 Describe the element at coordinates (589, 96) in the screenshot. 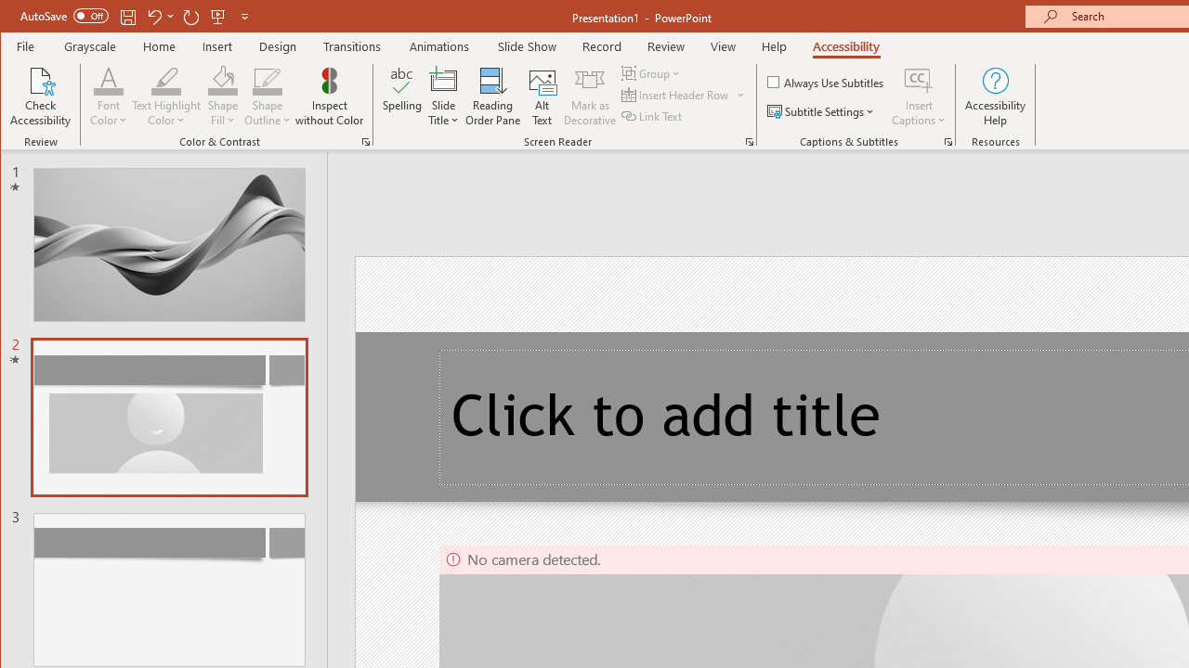

I see `'Mark as Decorative'` at that location.